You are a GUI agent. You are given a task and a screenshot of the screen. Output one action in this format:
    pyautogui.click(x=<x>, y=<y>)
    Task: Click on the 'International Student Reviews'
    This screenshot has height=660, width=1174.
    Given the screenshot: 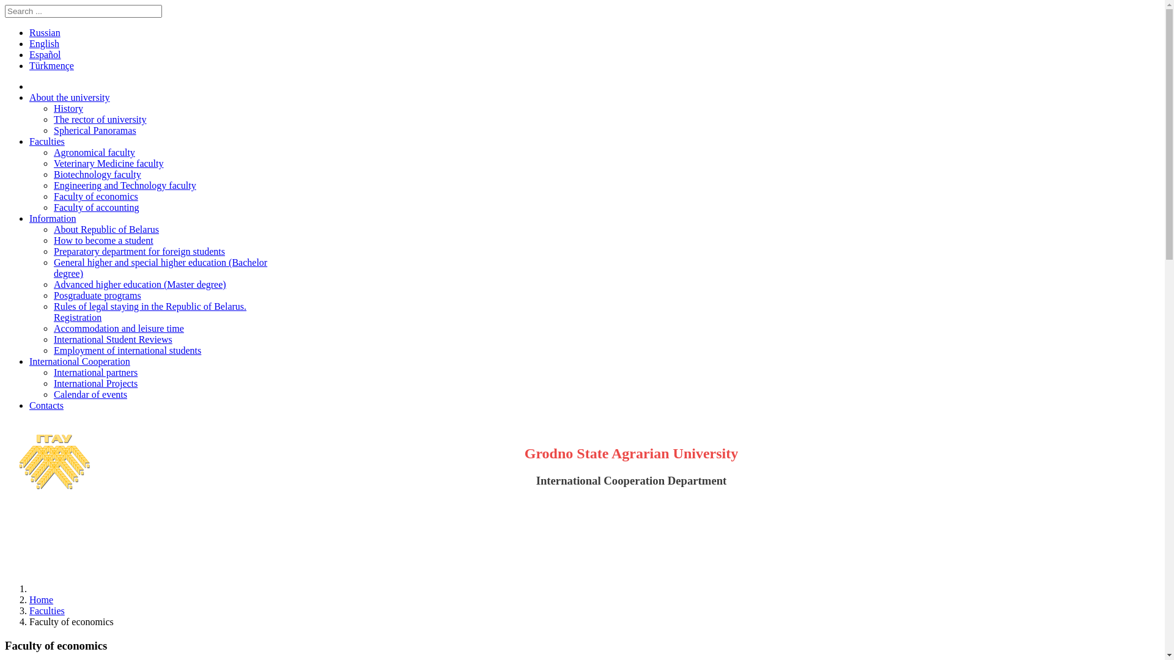 What is the action you would take?
    pyautogui.click(x=113, y=339)
    